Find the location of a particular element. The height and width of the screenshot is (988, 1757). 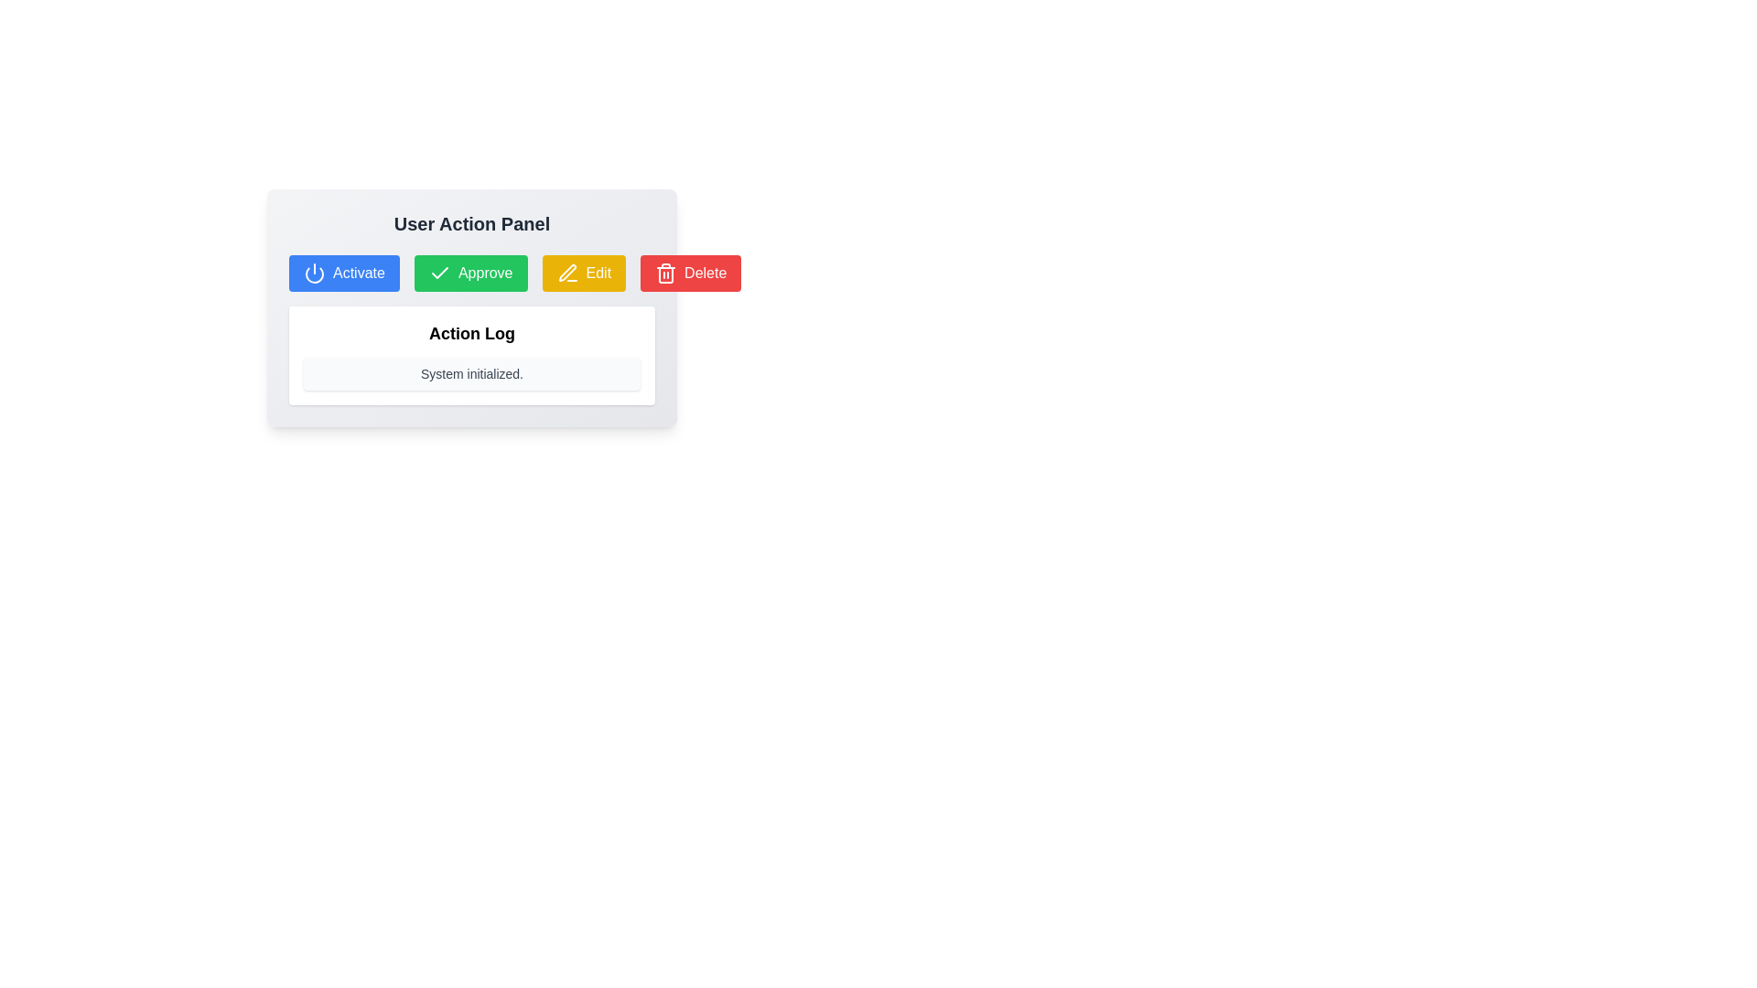

the red 'Delete' button with white text and a trash icon, which is the last button in the horizontal group of action buttons is located at coordinates (690, 274).